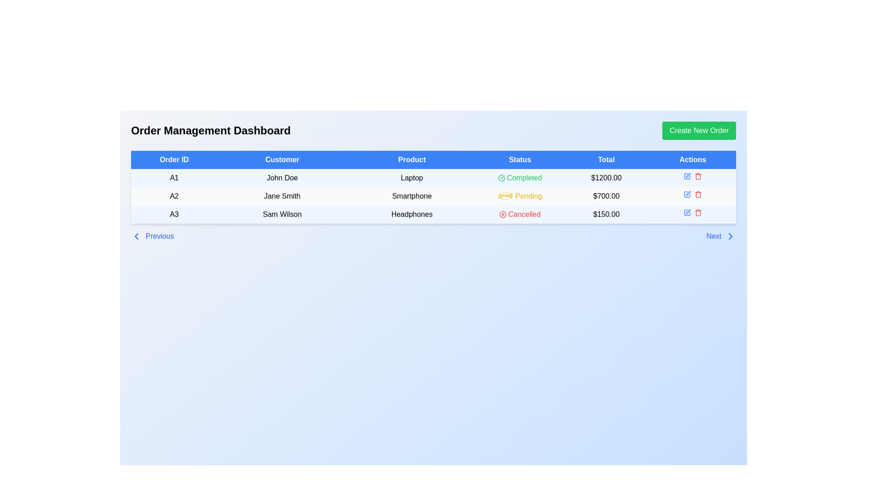 Image resolution: width=874 pixels, height=492 pixels. What do you see at coordinates (412, 214) in the screenshot?
I see `the 'Headphones' text label located in the third row and third column of the product category table, adjacent to 'Sam Wilson' on the left and 'Cancelled' on the right` at bounding box center [412, 214].